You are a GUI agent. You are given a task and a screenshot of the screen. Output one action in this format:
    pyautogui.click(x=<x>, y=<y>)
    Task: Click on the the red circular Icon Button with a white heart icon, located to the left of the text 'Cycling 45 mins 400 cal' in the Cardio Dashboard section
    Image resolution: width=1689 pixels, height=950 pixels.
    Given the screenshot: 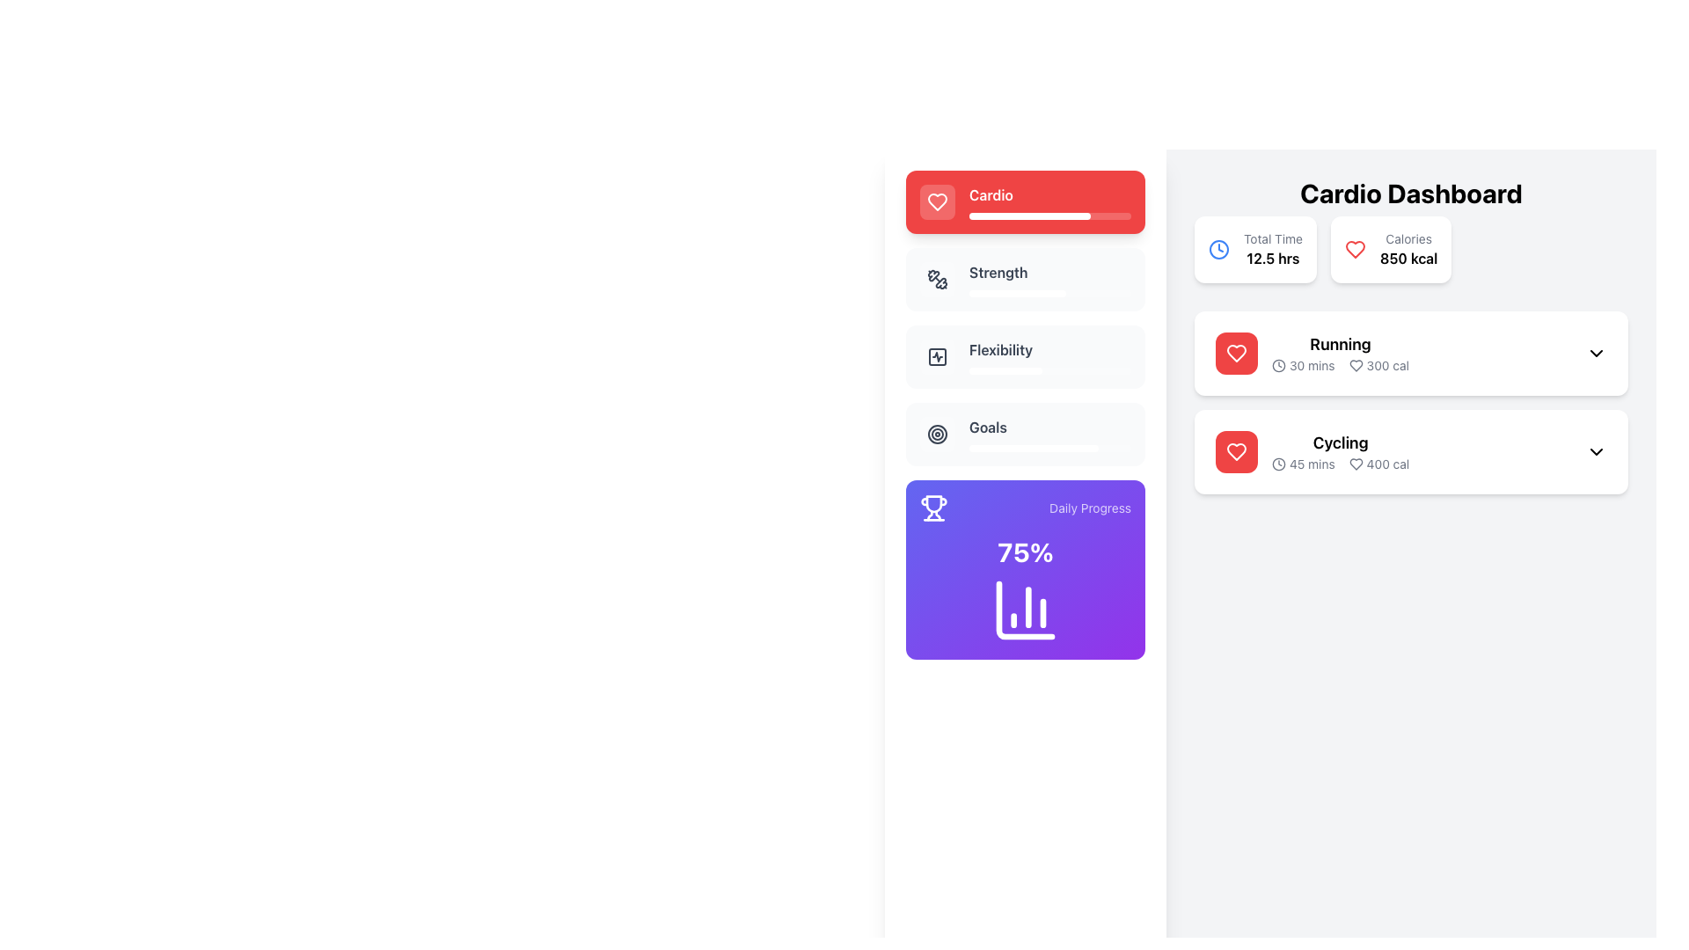 What is the action you would take?
    pyautogui.click(x=1236, y=450)
    